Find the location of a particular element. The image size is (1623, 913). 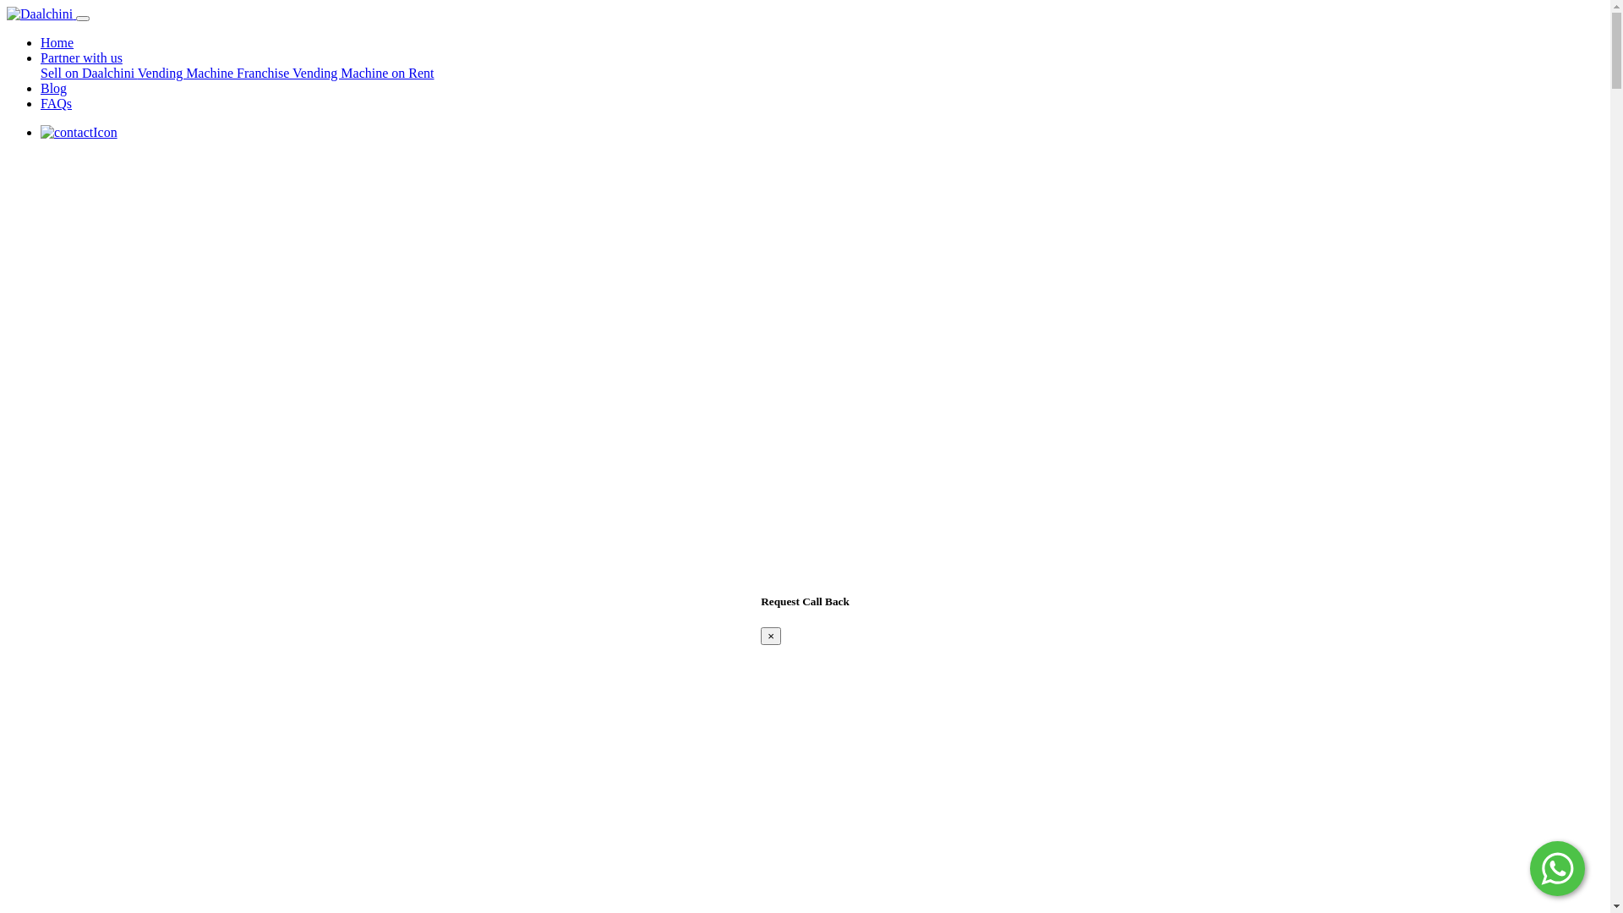

'Sell on Daalchini' is located at coordinates (88, 72).